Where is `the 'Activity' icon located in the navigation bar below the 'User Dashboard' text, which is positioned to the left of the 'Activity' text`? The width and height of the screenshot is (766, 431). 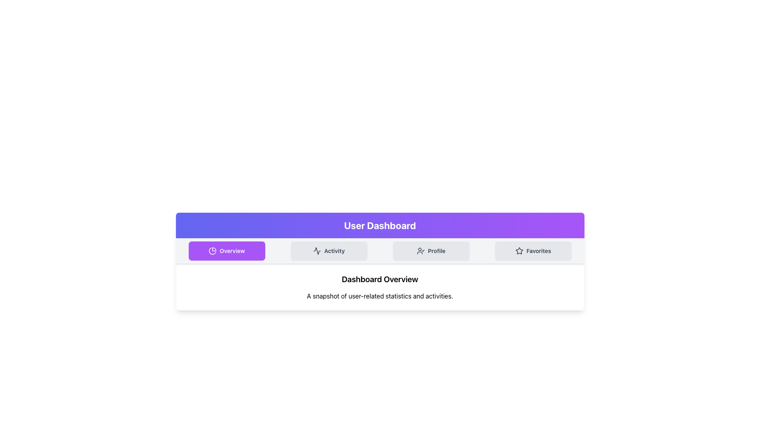 the 'Activity' icon located in the navigation bar below the 'User Dashboard' text, which is positioned to the left of the 'Activity' text is located at coordinates (316, 250).